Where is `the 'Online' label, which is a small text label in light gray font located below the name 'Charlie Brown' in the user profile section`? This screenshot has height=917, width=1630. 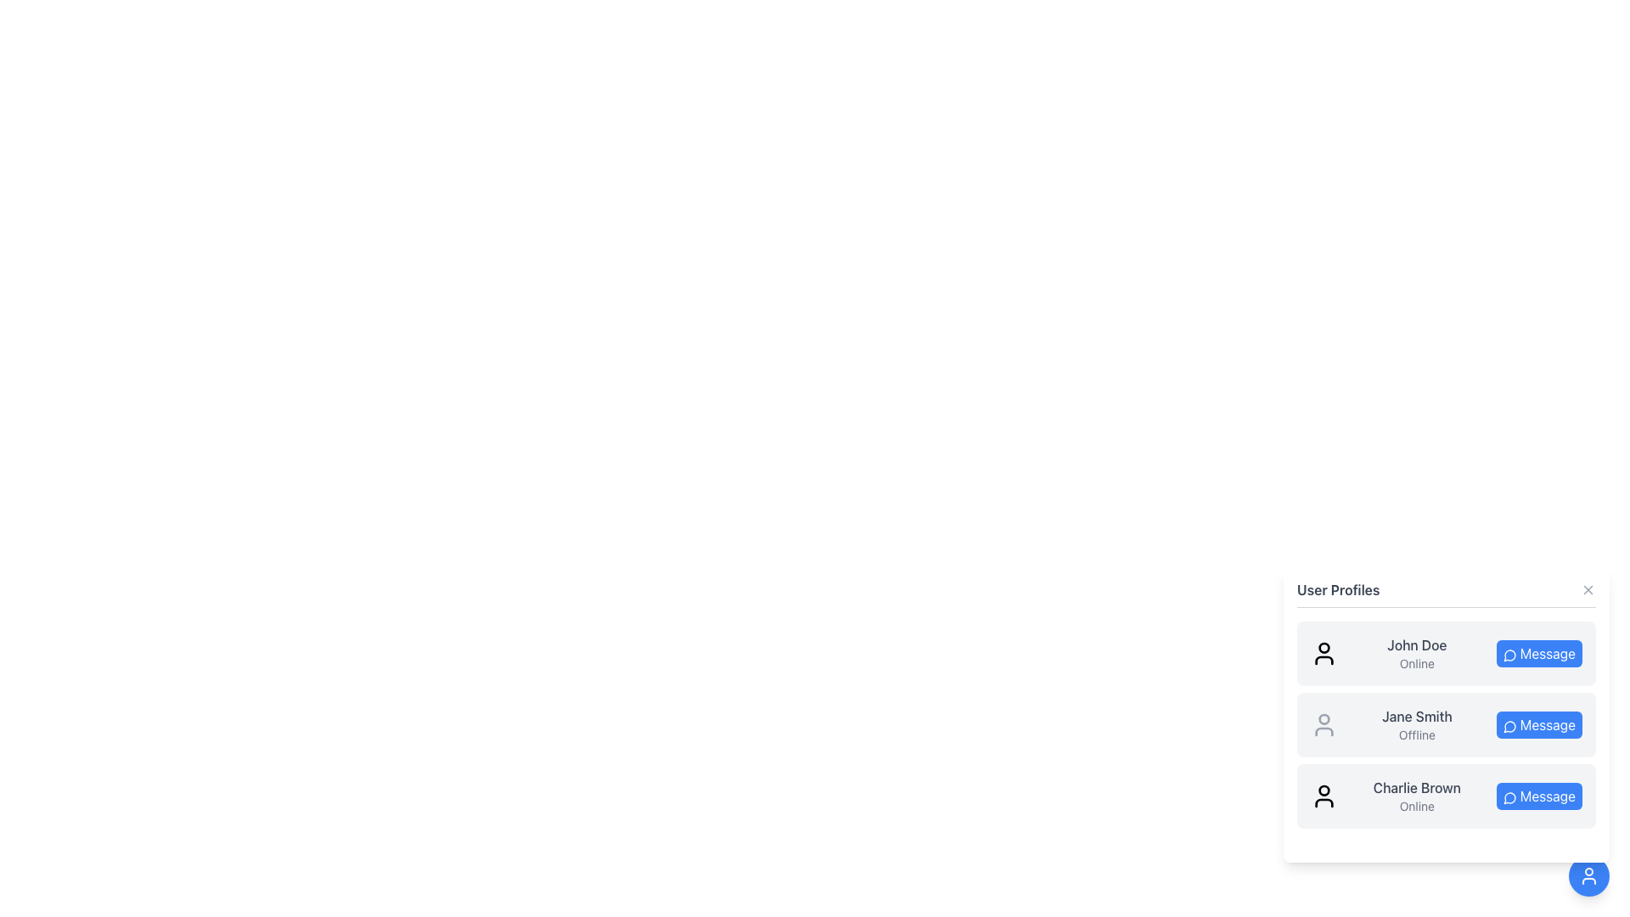
the 'Online' label, which is a small text label in light gray font located below the name 'Charlie Brown' in the user profile section is located at coordinates (1417, 805).